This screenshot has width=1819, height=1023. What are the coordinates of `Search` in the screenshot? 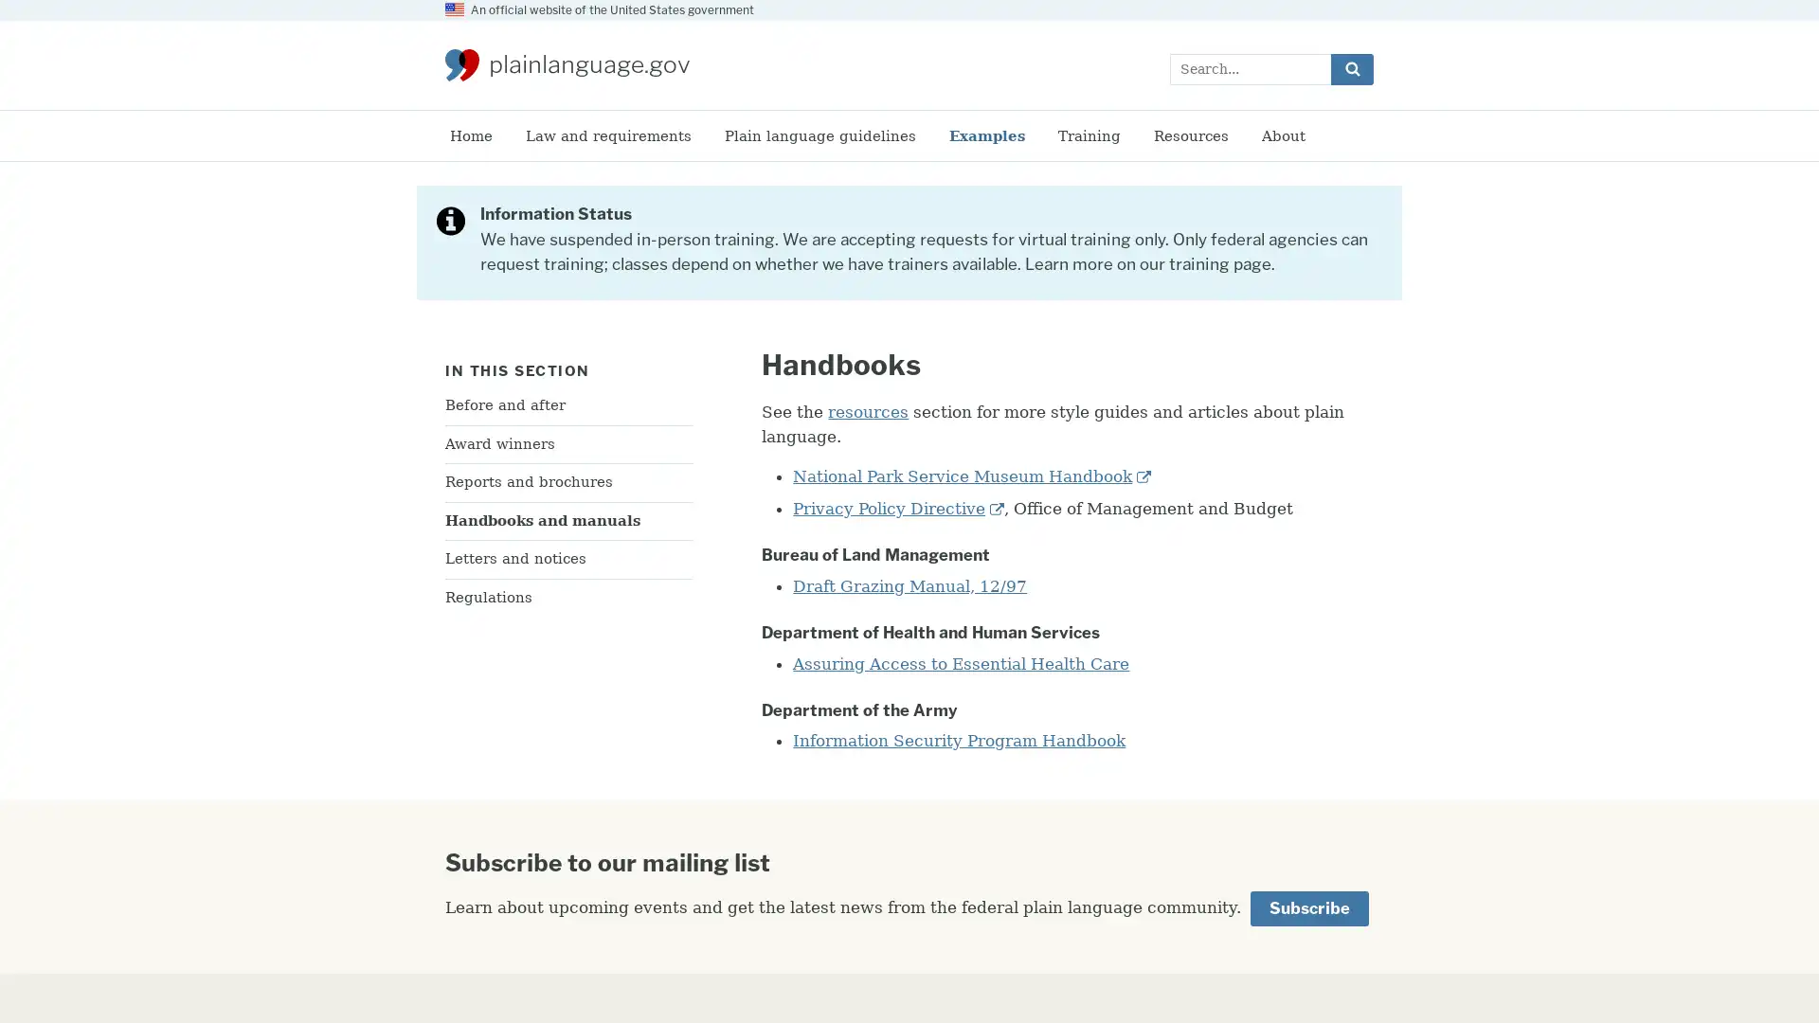 It's located at (1351, 67).